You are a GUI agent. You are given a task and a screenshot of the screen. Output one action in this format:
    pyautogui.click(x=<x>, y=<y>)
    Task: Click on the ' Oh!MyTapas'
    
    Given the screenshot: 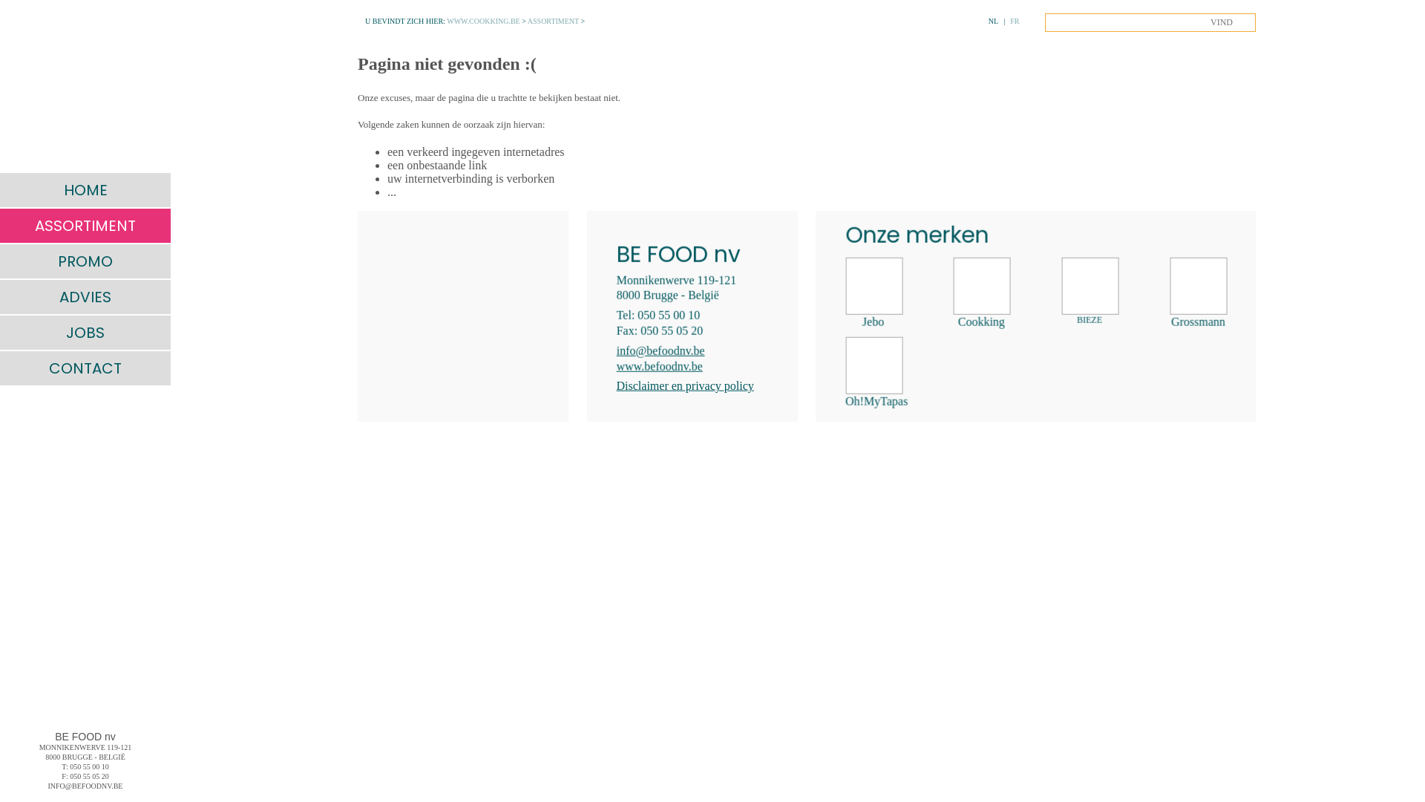 What is the action you would take?
    pyautogui.click(x=845, y=372)
    